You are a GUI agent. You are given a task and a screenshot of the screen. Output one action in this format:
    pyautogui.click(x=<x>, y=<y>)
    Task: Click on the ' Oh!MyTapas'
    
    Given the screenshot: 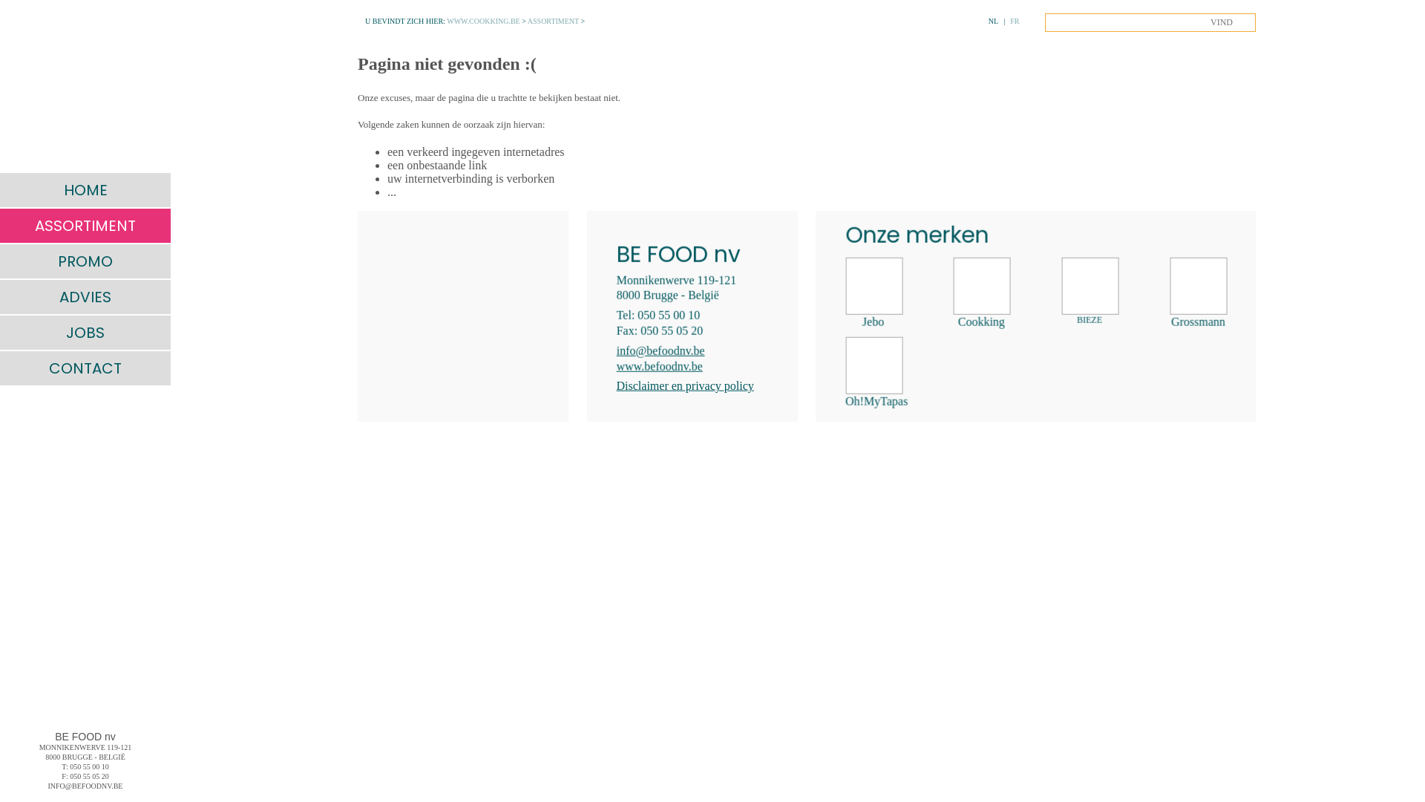 What is the action you would take?
    pyautogui.click(x=845, y=372)
    